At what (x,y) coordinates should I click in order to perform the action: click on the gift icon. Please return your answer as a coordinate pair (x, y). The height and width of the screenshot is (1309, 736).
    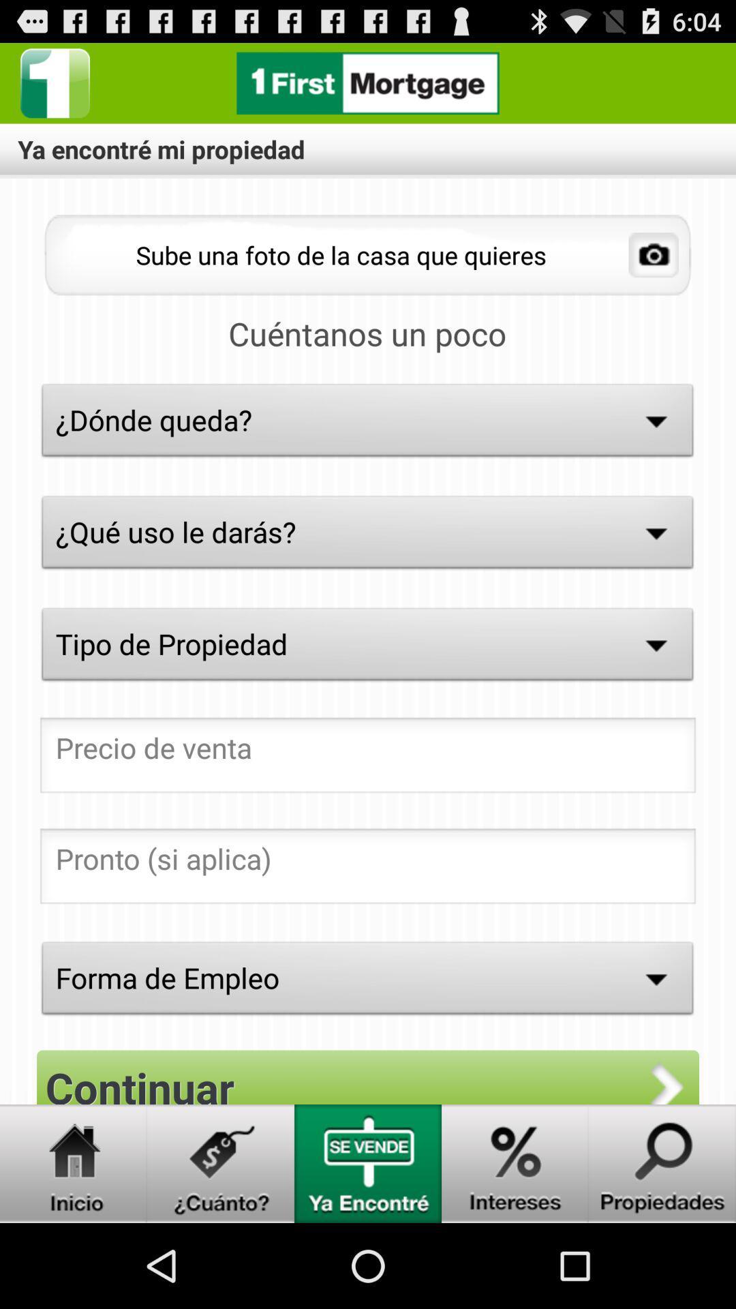
    Looking at the image, I should click on (368, 1245).